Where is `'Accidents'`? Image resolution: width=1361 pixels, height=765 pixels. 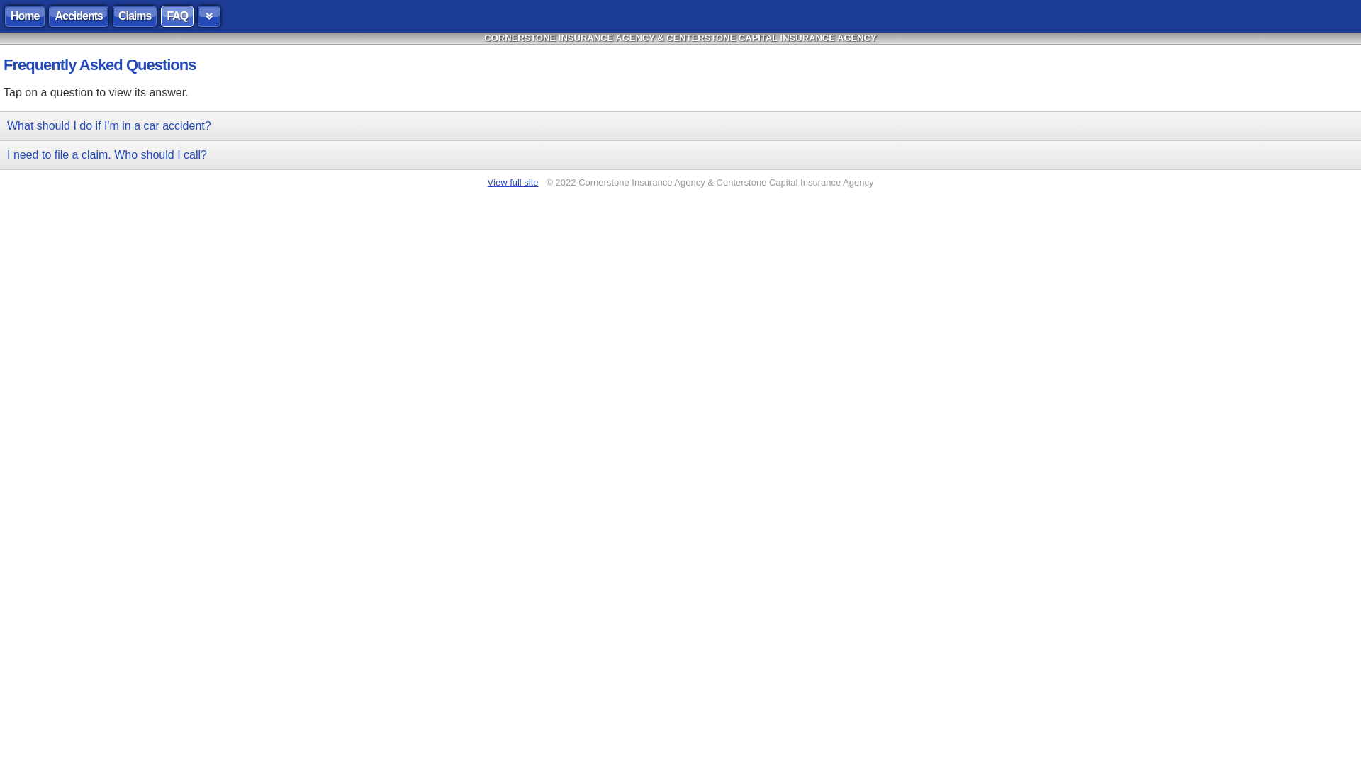
'Accidents' is located at coordinates (77, 16).